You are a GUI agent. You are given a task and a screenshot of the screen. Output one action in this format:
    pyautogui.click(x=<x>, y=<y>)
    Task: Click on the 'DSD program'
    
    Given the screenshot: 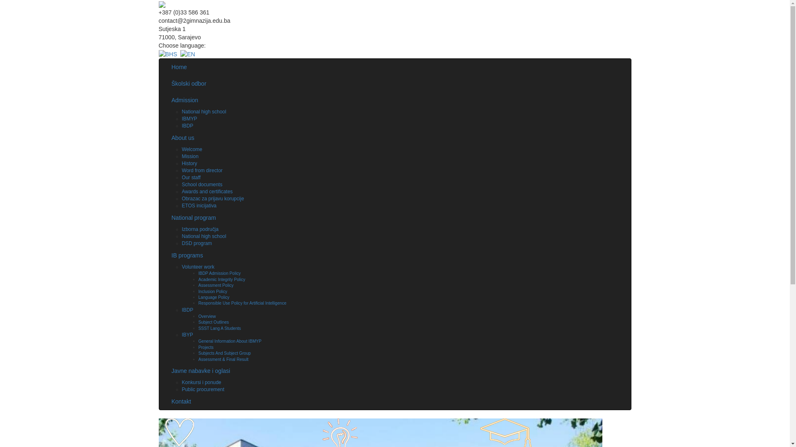 What is the action you would take?
    pyautogui.click(x=196, y=243)
    